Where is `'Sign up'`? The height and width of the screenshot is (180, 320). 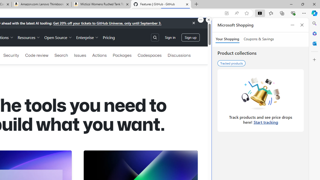
'Sign up' is located at coordinates (190, 37).